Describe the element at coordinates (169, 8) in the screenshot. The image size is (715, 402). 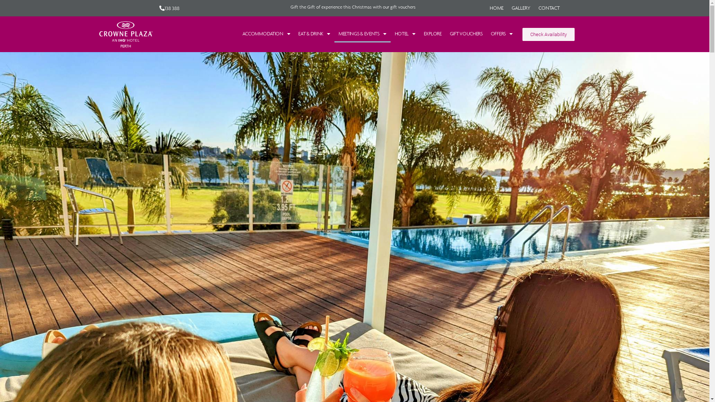
I see `'138 388'` at that location.